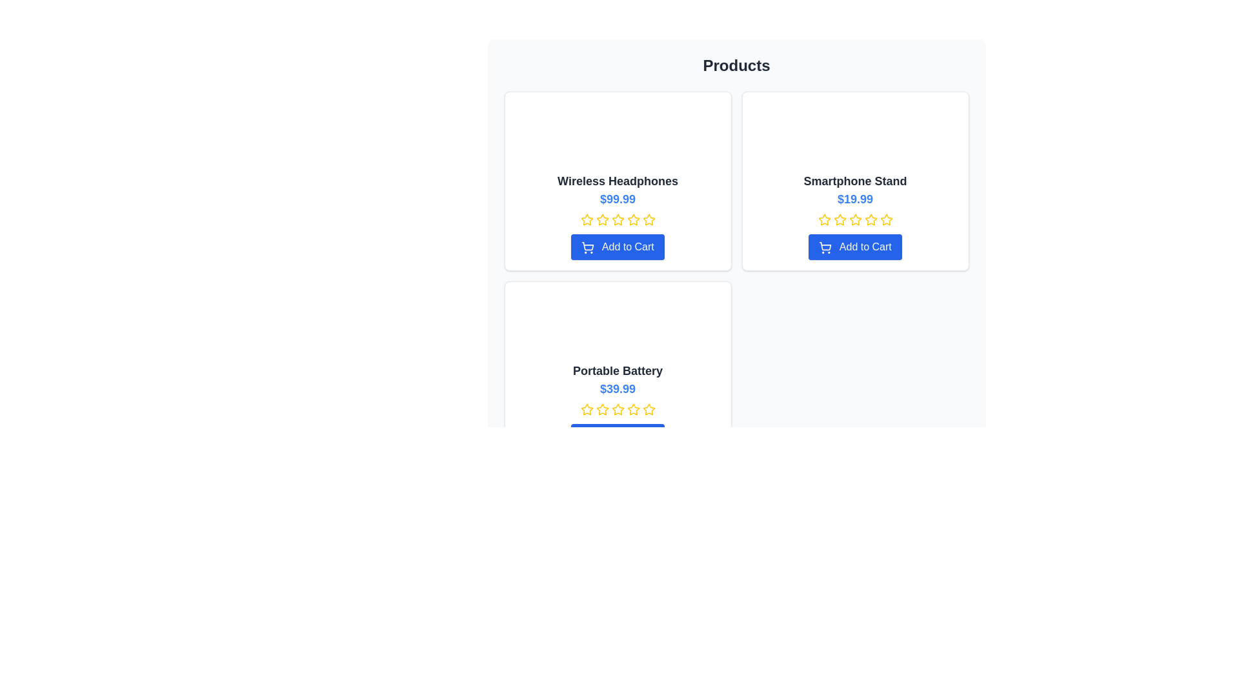  What do you see at coordinates (855, 199) in the screenshot?
I see `the price display of the 'Smartphone Stand' product, which is located in the second card under the 'Products' header, directly below the title and above the rating component` at bounding box center [855, 199].